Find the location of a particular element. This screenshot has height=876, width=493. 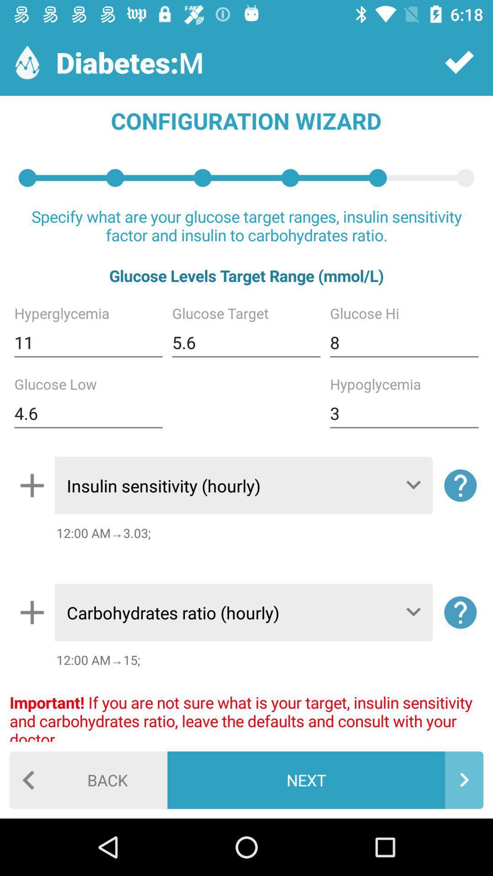

the help icon is located at coordinates (460, 612).